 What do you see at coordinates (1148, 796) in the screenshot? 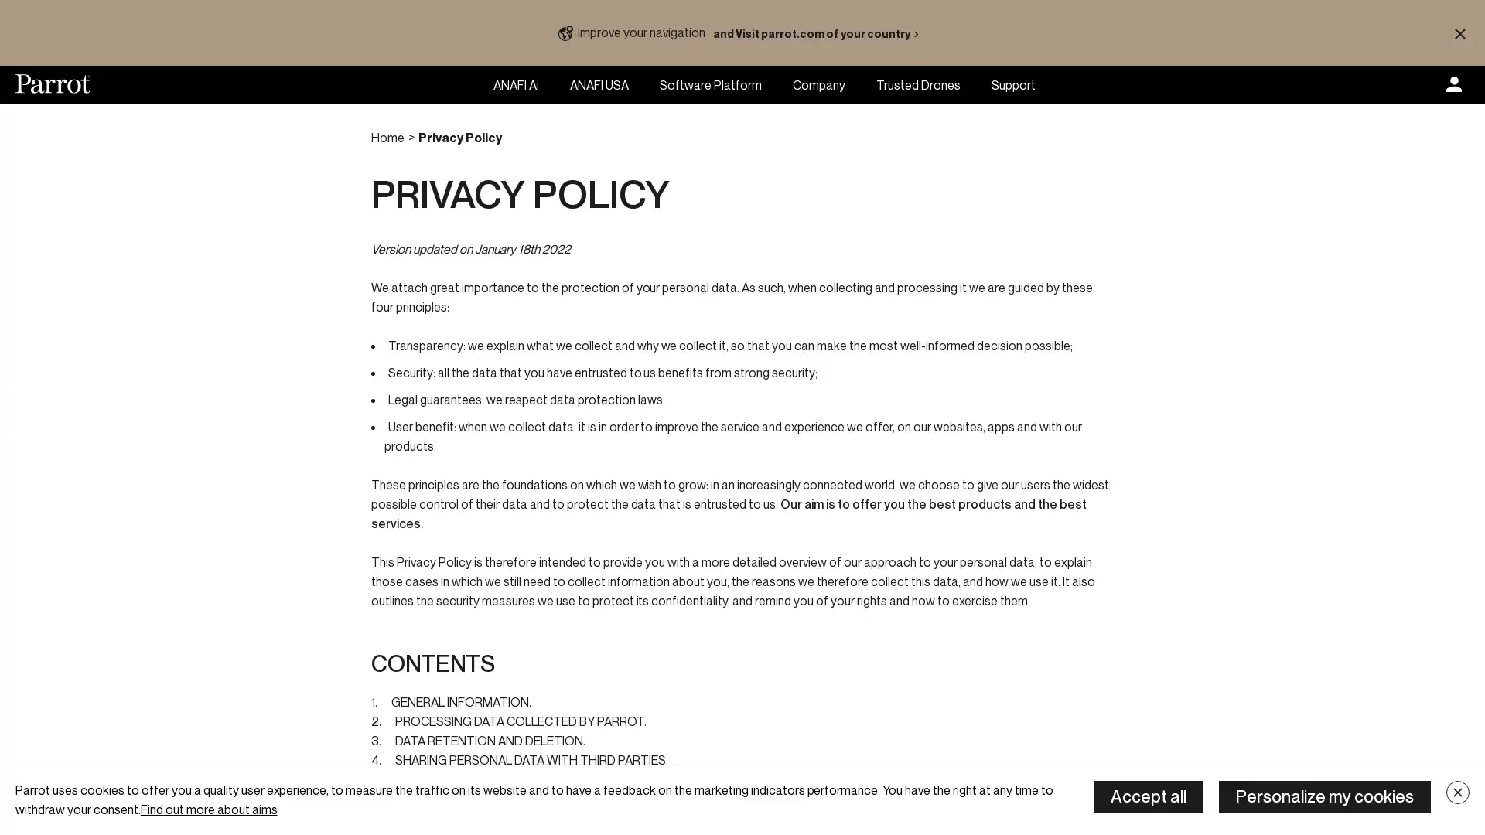
I see `Accept all` at bounding box center [1148, 796].